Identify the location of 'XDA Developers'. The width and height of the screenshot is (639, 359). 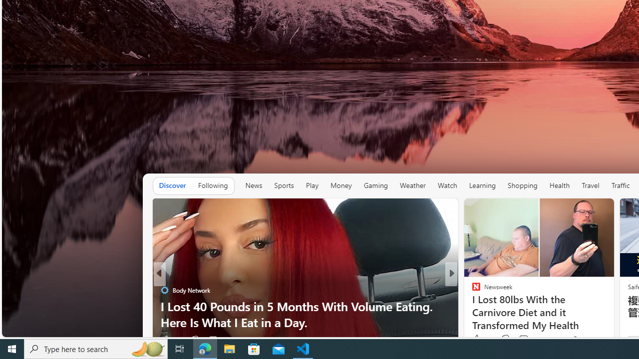
(471, 306).